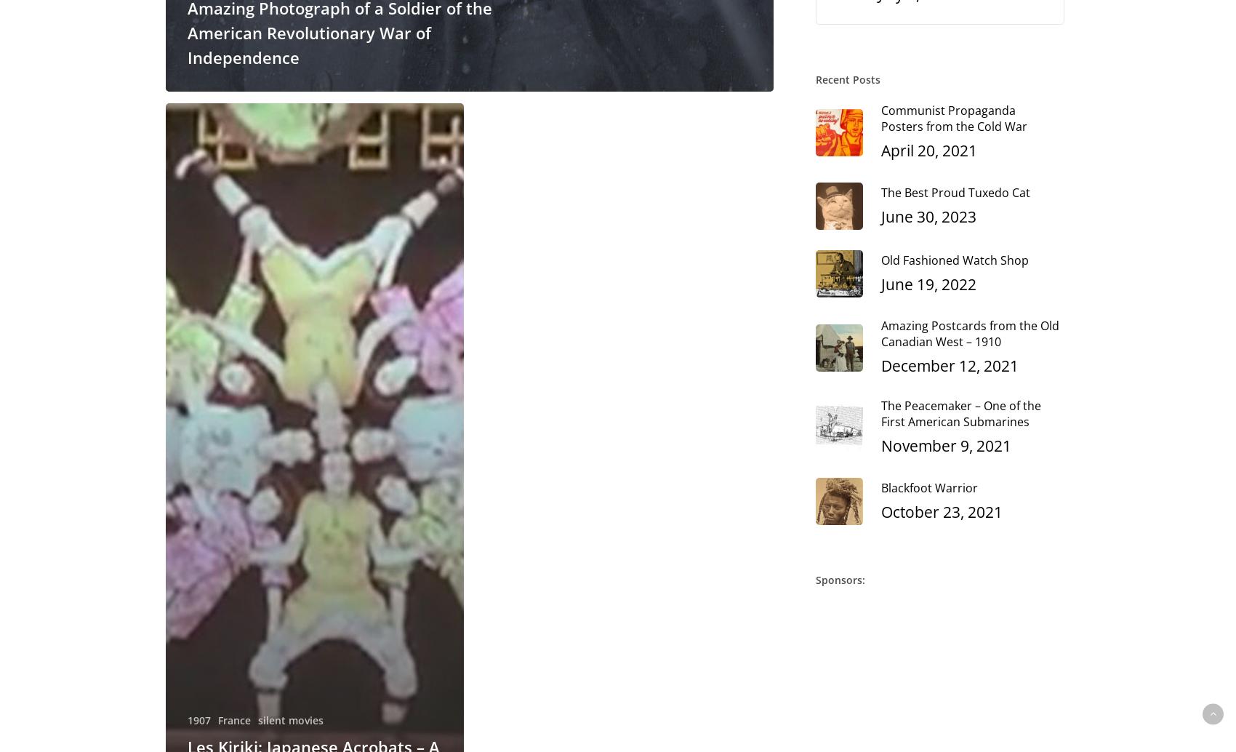 This screenshot has width=1236, height=752. I want to click on 'The Peacemaker – One of the First American Submarines', so click(960, 414).